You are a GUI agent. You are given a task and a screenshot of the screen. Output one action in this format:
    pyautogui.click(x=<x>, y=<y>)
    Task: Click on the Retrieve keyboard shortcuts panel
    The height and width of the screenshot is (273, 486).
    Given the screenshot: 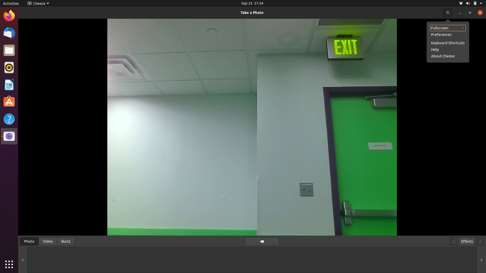 What is the action you would take?
    pyautogui.click(x=448, y=12)
    